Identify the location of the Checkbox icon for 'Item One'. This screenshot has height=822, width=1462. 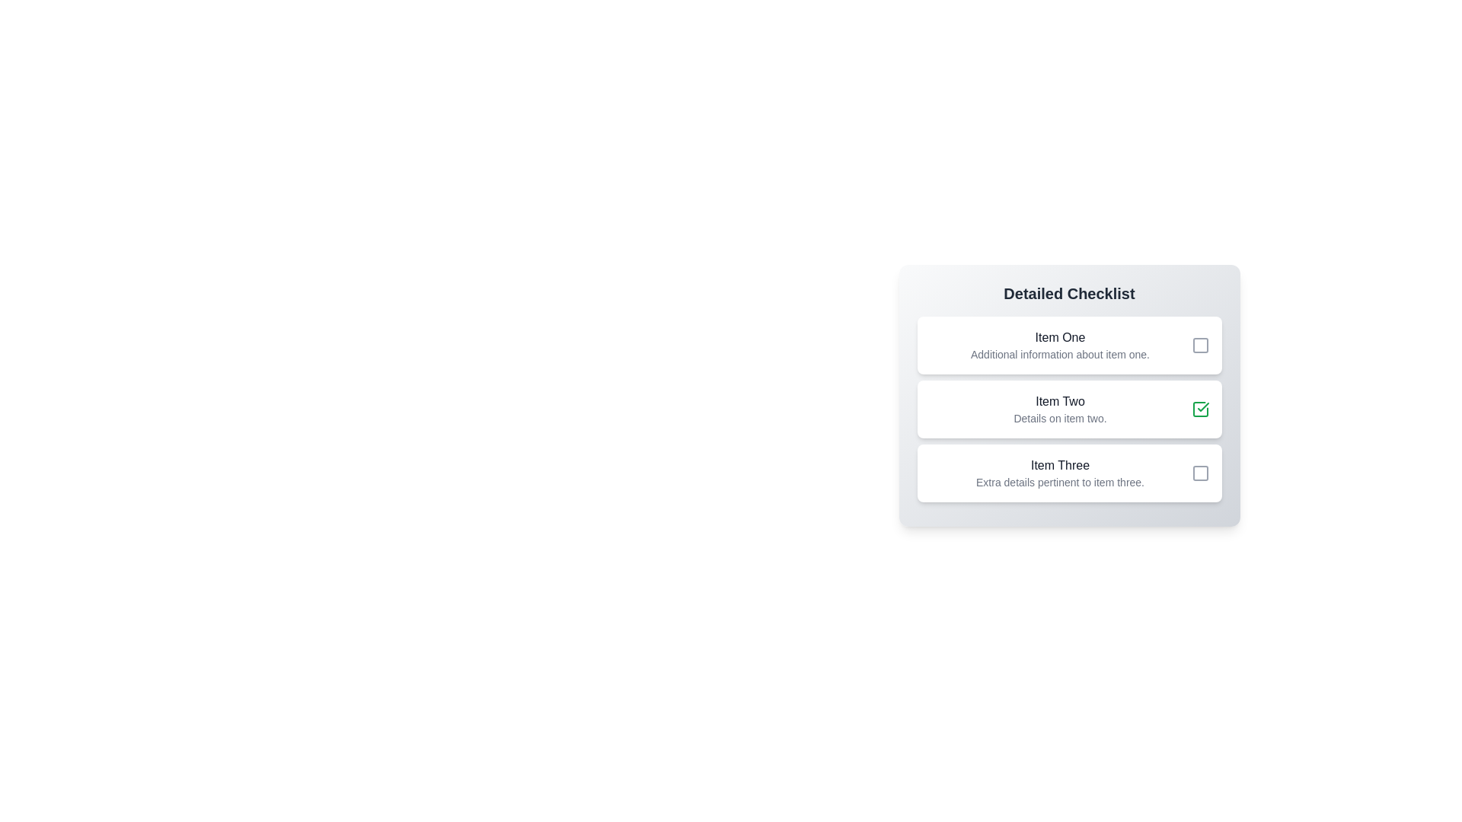
(1199, 346).